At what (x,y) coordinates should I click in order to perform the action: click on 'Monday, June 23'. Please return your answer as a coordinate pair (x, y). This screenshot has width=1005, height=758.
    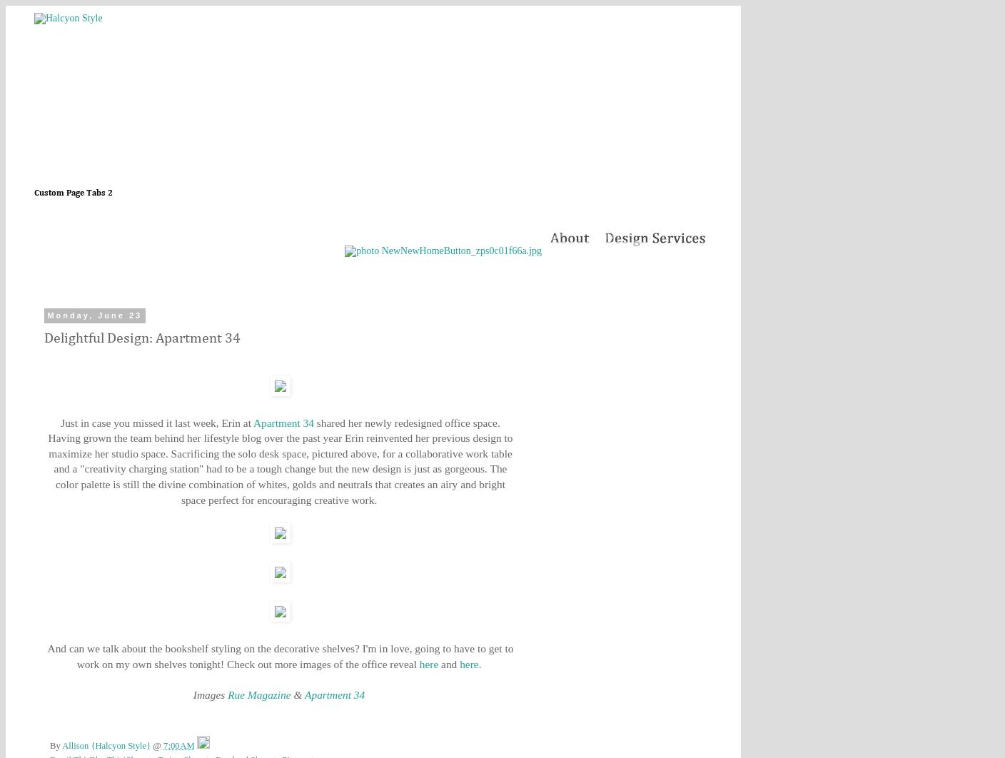
    Looking at the image, I should click on (94, 315).